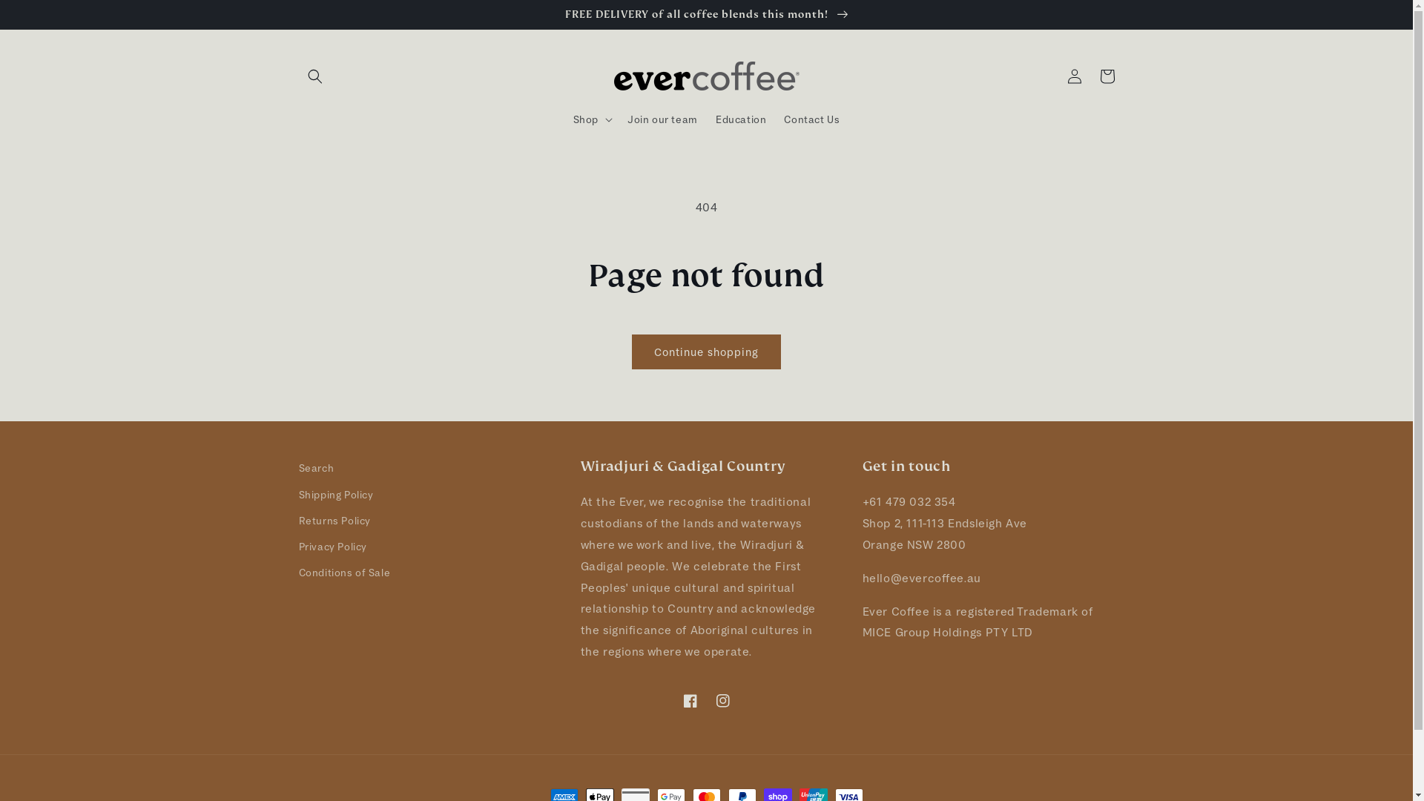  I want to click on 'Conditions of Sale', so click(297, 572).